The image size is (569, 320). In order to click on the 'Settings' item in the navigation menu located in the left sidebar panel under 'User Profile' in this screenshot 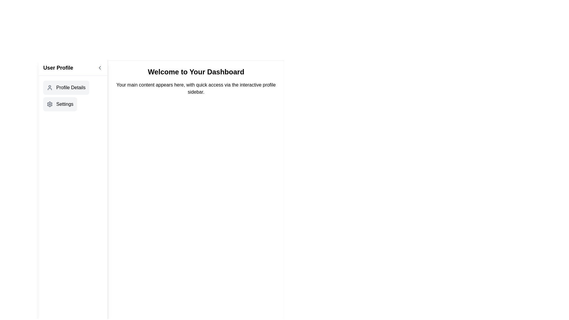, I will do `click(73, 96)`.